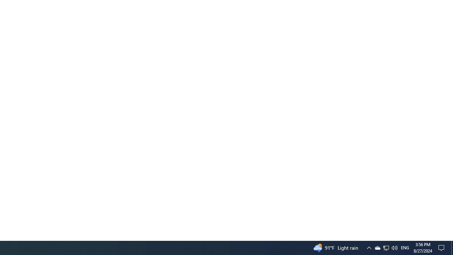  I want to click on 'Notification Chevron', so click(368, 247).